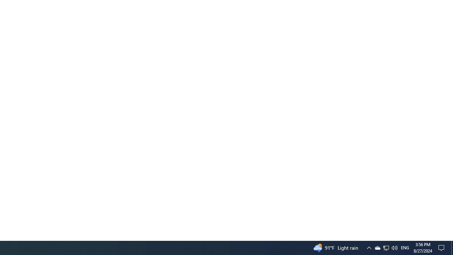  I want to click on 'Notification Chevron', so click(368, 247).